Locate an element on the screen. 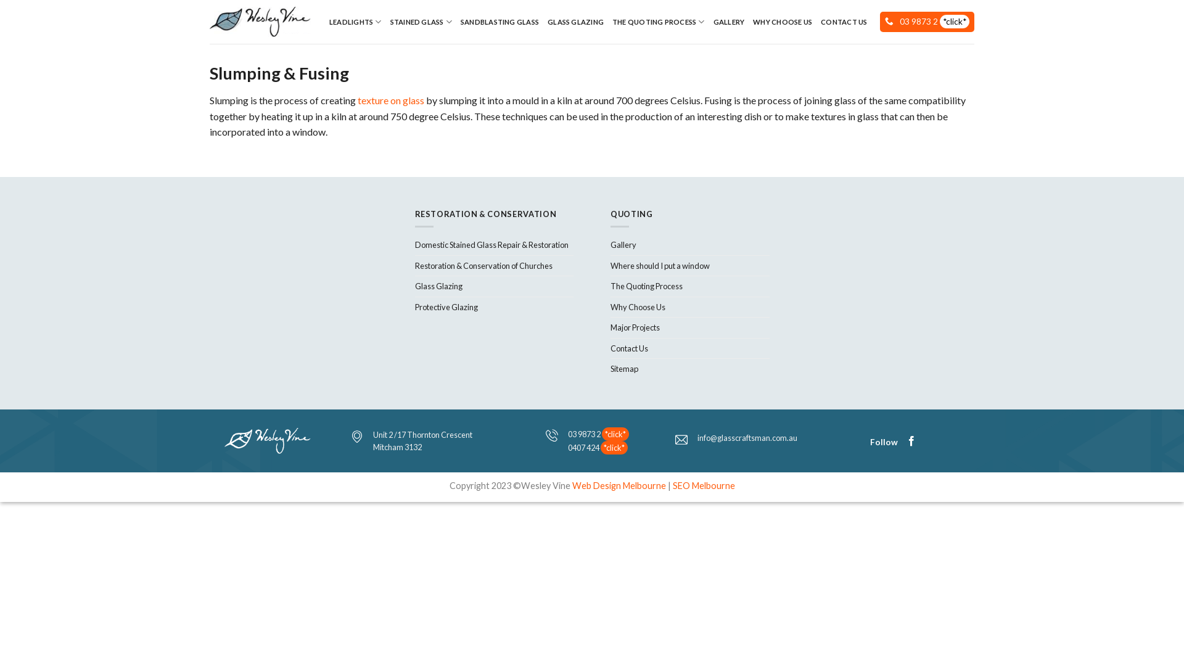 The image size is (1184, 666). '03 9873 2 *click*' is located at coordinates (934, 21).